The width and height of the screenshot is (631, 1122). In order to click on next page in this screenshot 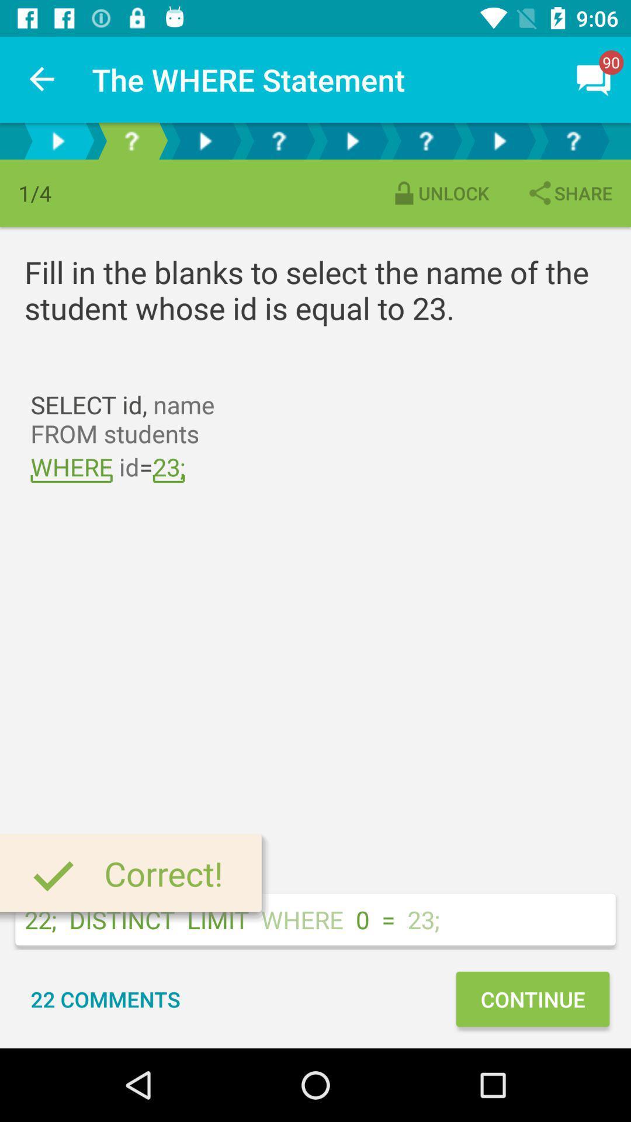, I will do `click(351, 140)`.